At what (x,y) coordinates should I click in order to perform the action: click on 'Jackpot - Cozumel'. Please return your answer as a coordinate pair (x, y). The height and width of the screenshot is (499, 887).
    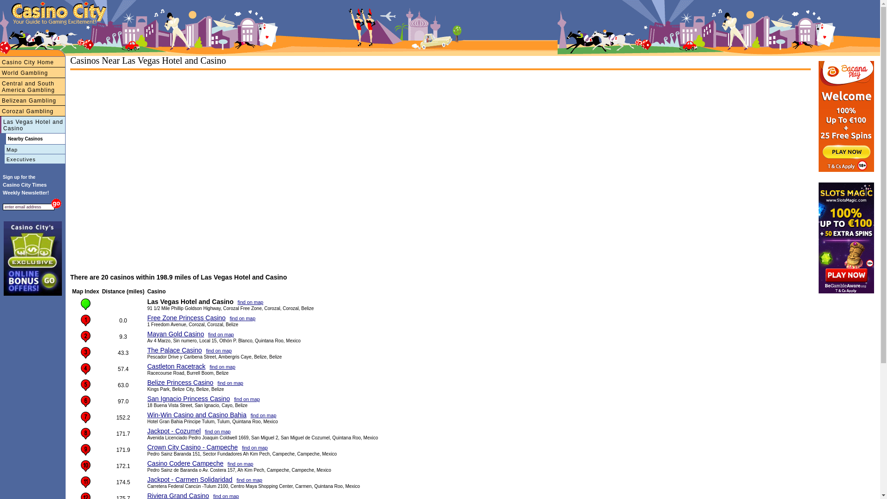
    Looking at the image, I should click on (174, 431).